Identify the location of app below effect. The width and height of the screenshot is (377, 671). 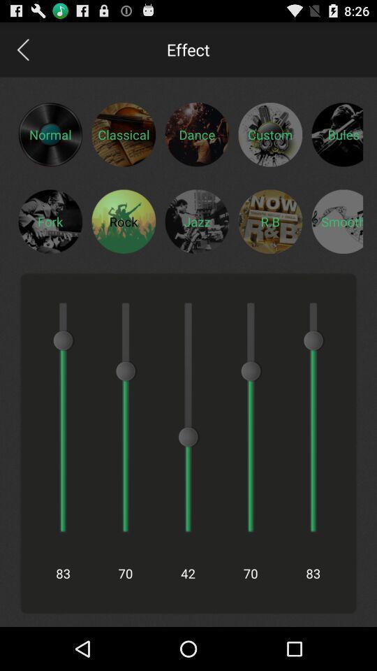
(196, 134).